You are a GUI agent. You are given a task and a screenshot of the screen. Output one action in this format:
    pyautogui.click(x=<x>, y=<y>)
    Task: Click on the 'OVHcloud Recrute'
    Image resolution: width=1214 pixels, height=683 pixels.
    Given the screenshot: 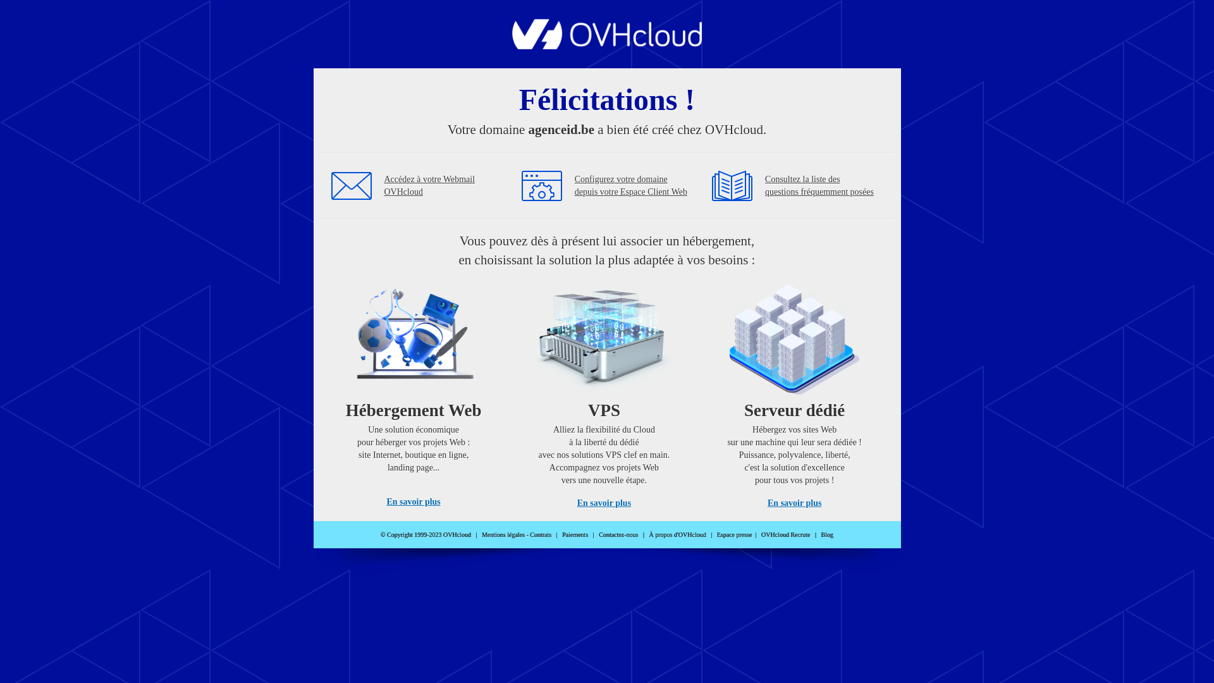 What is the action you would take?
    pyautogui.click(x=785, y=534)
    